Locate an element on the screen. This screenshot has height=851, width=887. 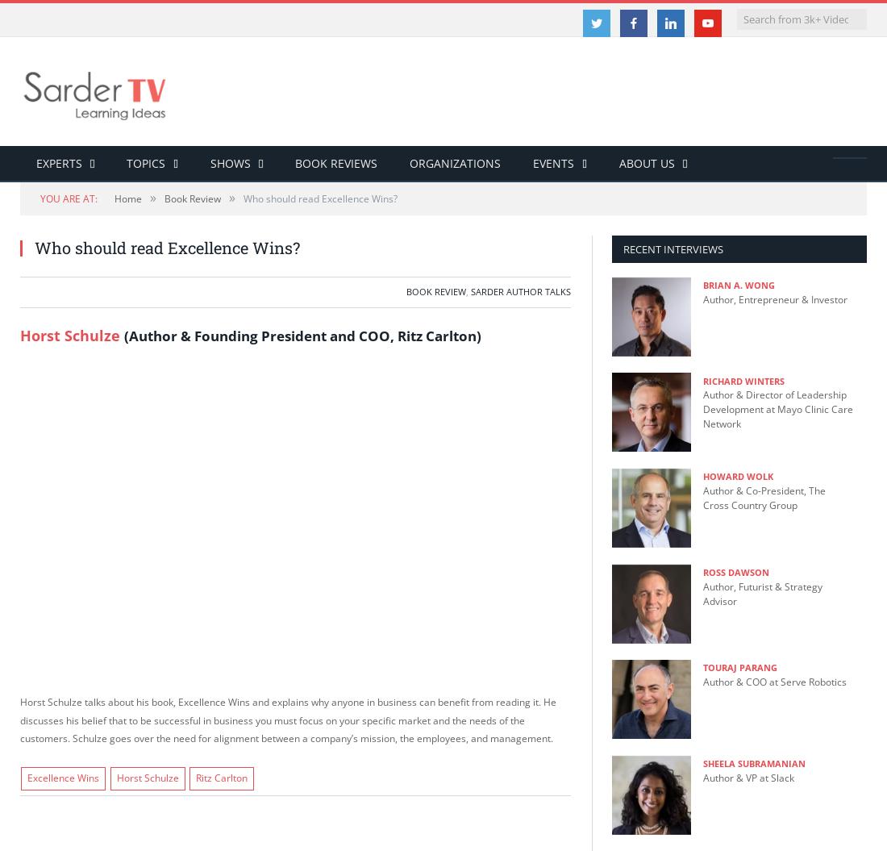
'Sarder Author Talks' is located at coordinates (469, 291).